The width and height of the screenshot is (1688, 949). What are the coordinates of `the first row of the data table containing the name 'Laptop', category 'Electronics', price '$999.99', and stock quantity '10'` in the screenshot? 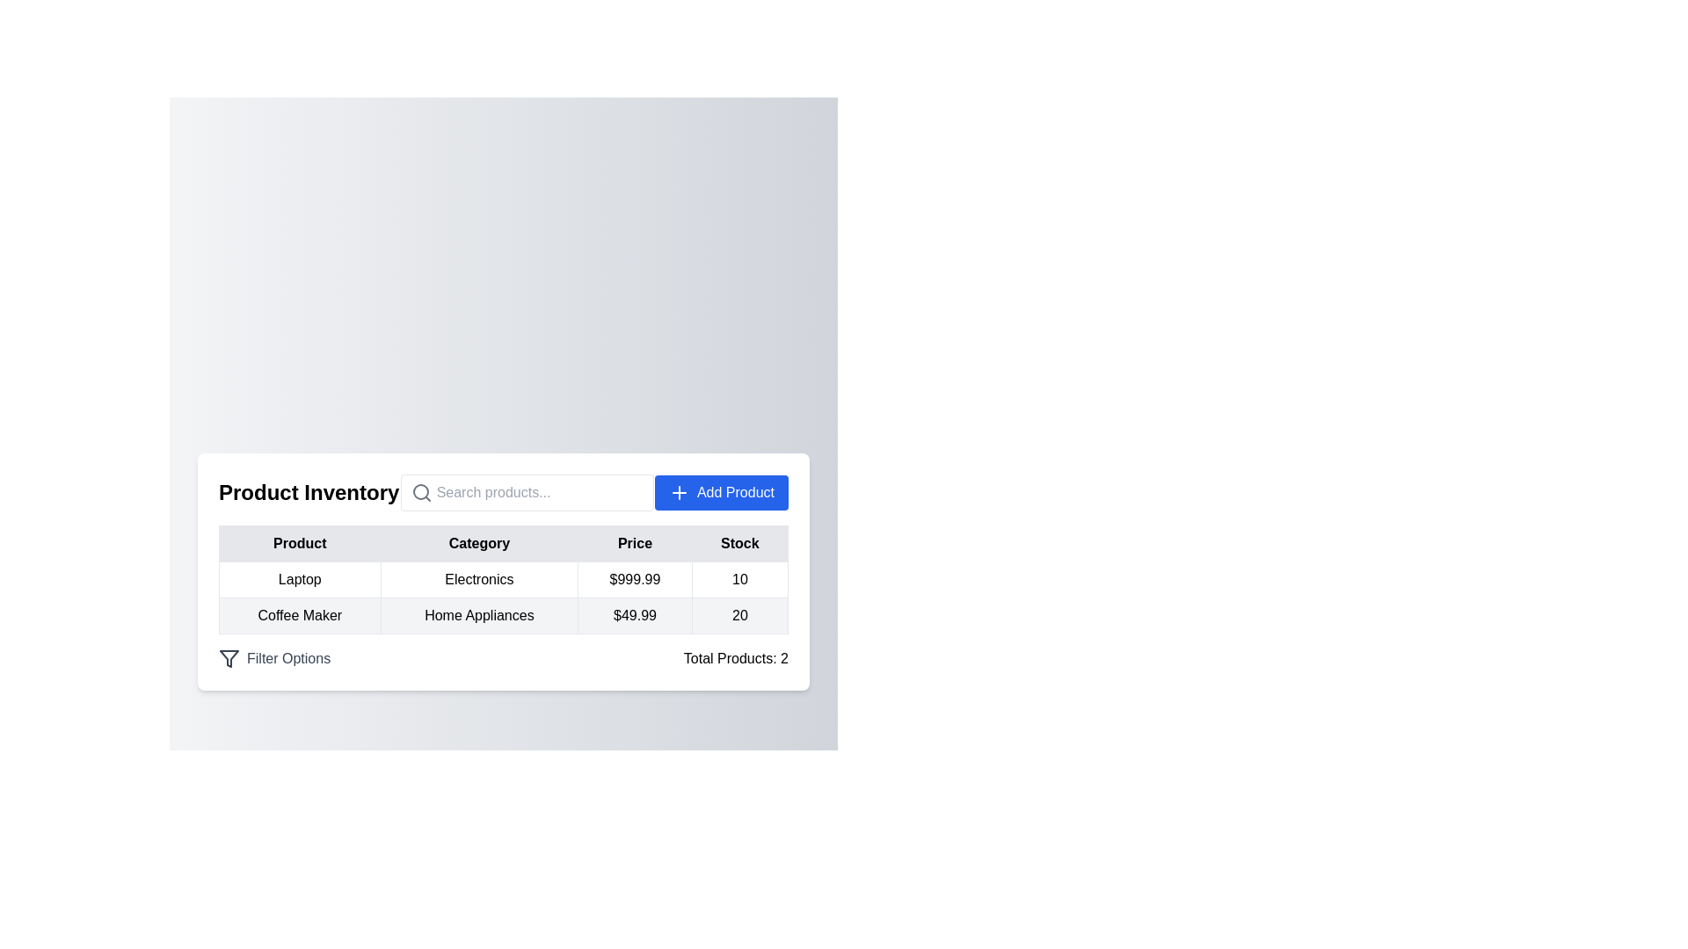 It's located at (502, 579).